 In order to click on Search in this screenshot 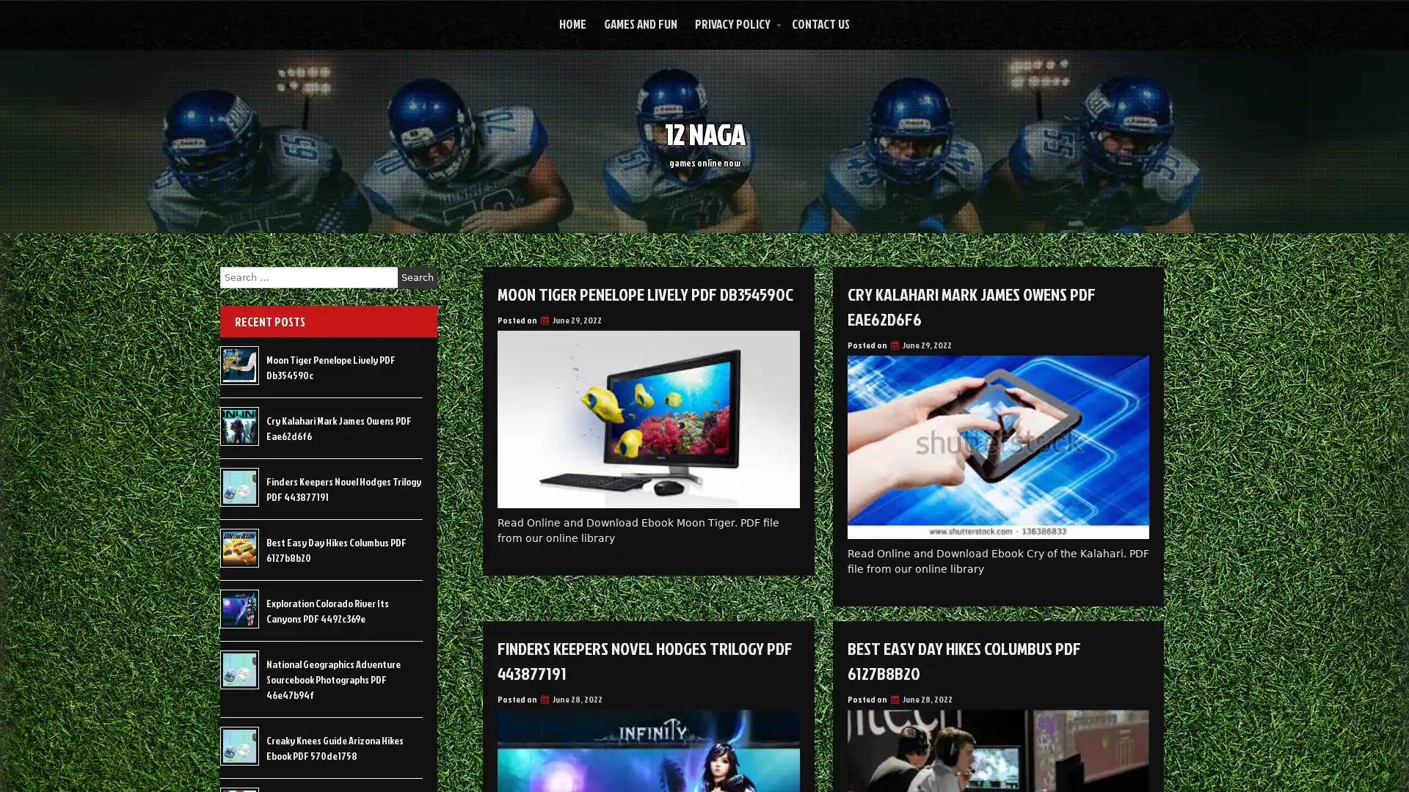, I will do `click(417, 277)`.